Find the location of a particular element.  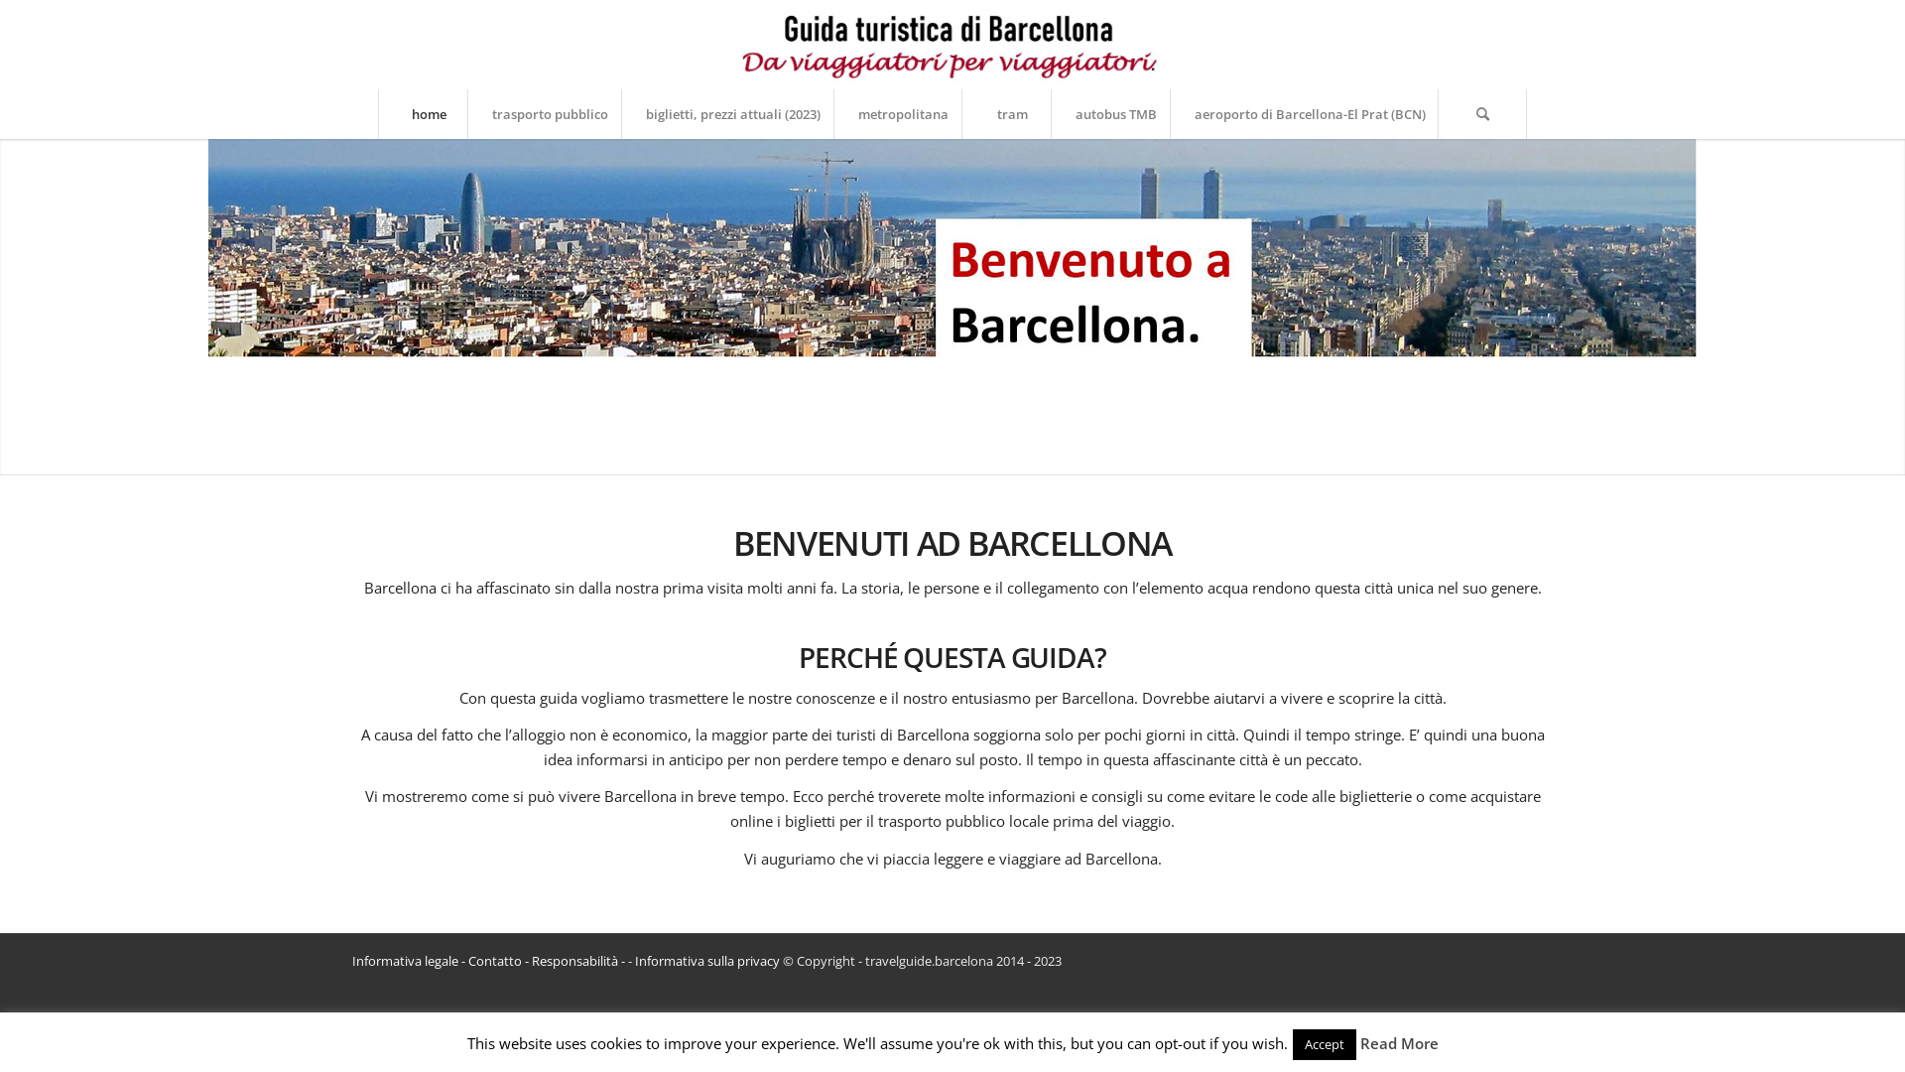

'trasporto_pubblico_locale_Barcellona' is located at coordinates (952, 247).